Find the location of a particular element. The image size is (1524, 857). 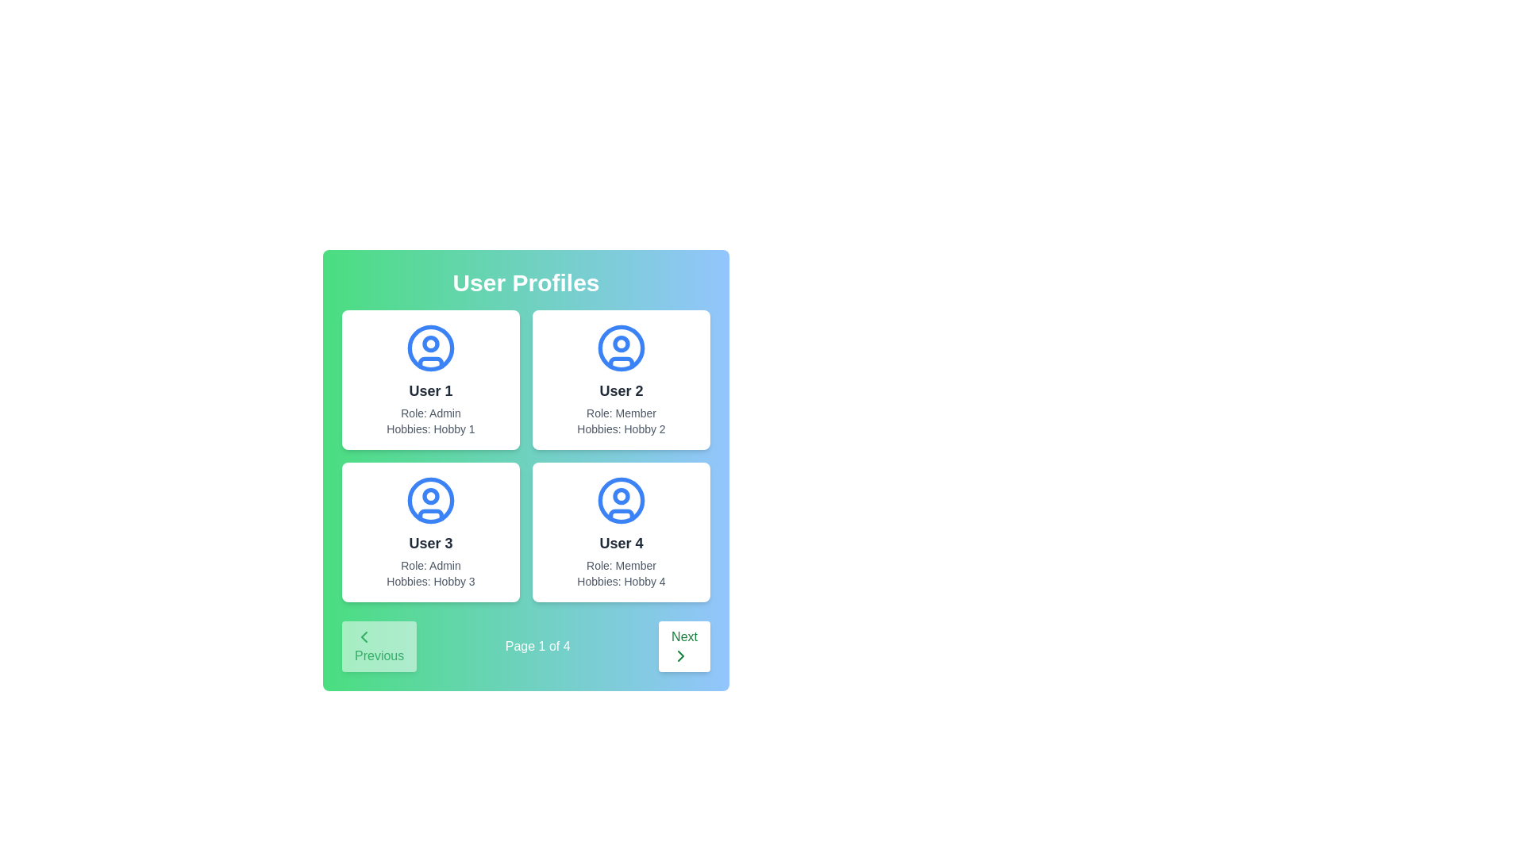

the text label displaying 'User 1' in a bold, dark gray font, which is positioned beneath the circular user icon in the first user profile card is located at coordinates (430, 391).